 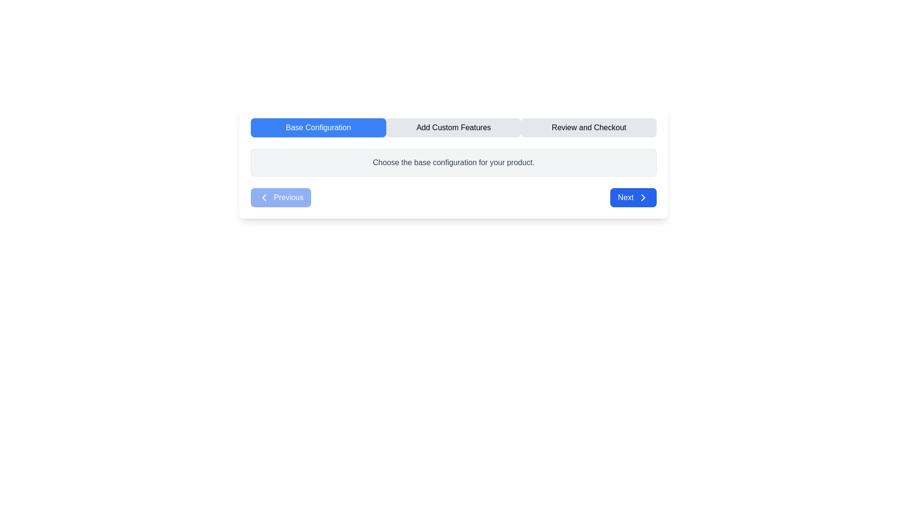 What do you see at coordinates (318, 127) in the screenshot?
I see `the 'Base Configuration' button in the navigation bar` at bounding box center [318, 127].